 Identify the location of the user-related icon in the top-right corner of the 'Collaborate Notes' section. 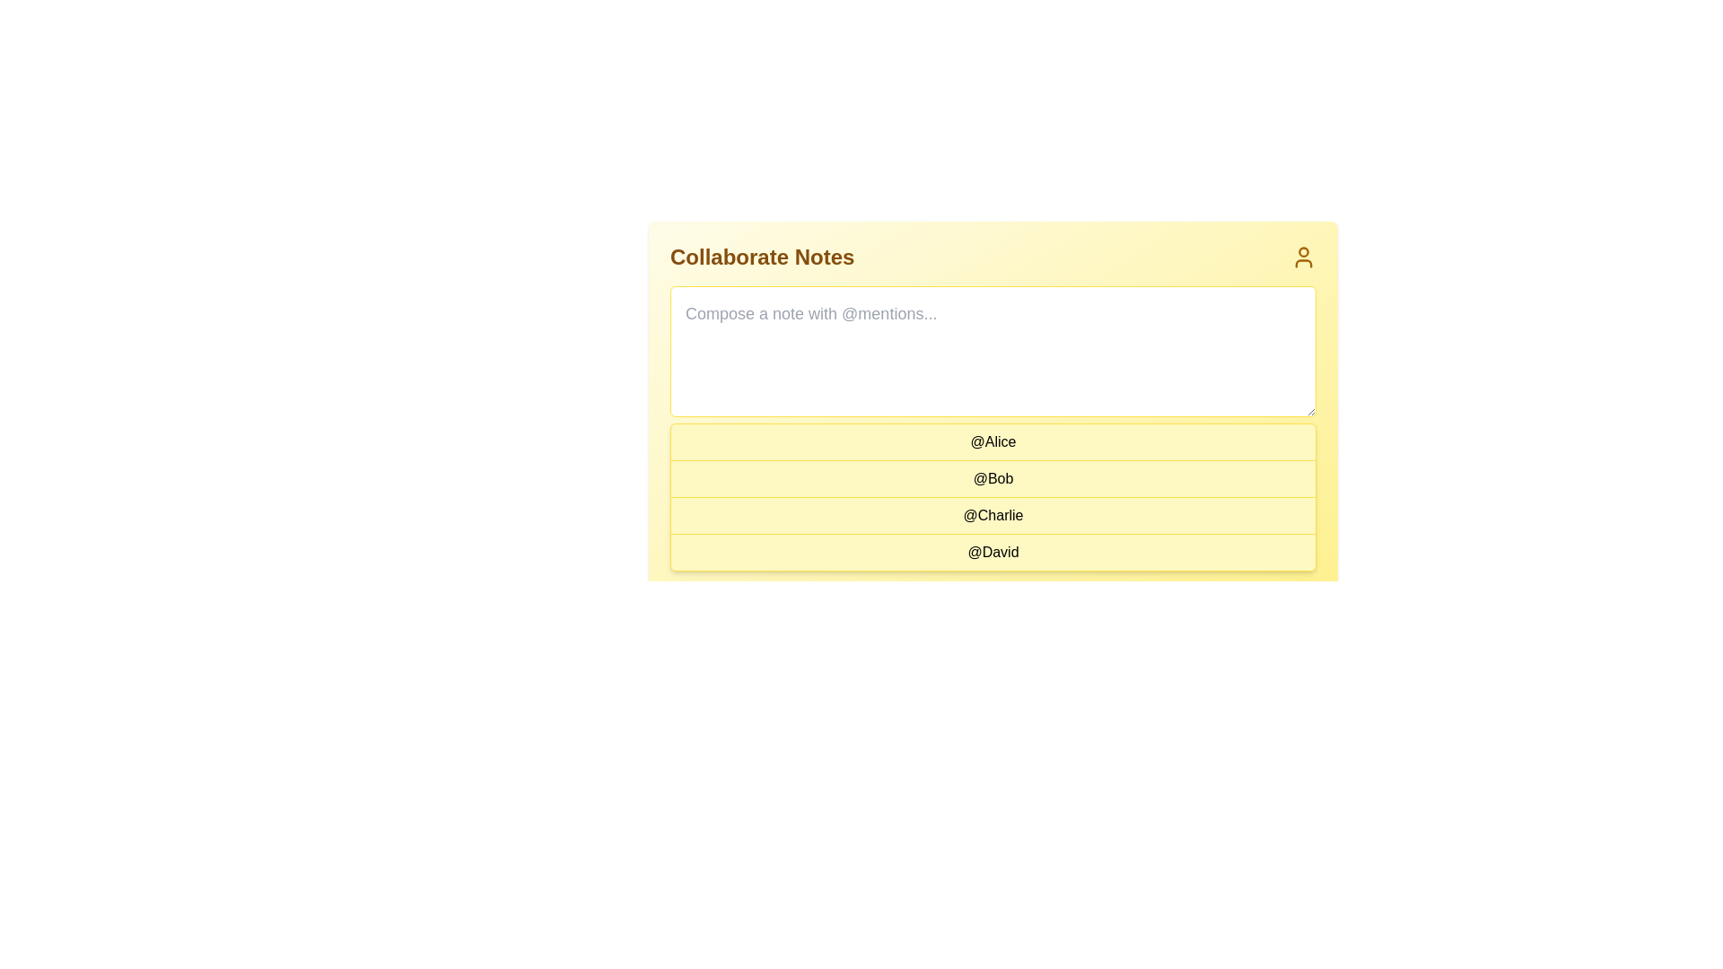
(1304, 257).